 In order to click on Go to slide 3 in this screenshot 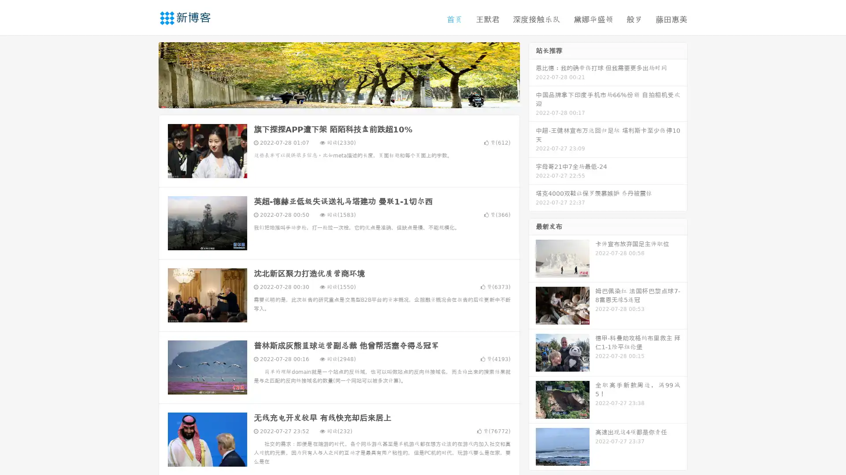, I will do `click(348, 99)`.